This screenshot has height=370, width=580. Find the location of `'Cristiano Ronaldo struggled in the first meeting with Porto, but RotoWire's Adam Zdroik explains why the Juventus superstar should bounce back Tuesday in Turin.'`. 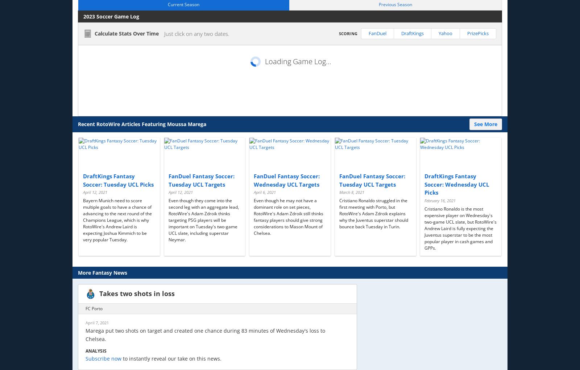

'Cristiano Ronaldo struggled in the first meeting with Porto, but RotoWire's Adam Zdroik explains why the Juventus superstar should bounce back Tuesday in Turin.' is located at coordinates (373, 213).